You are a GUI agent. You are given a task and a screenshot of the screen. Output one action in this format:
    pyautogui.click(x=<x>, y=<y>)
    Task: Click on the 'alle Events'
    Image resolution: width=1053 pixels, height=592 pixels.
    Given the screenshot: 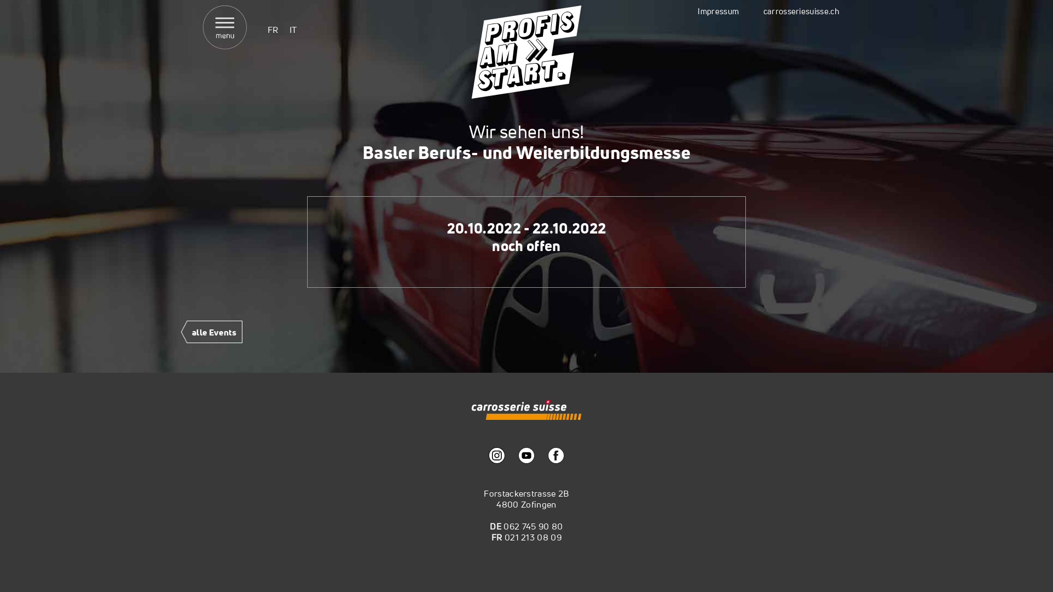 What is the action you would take?
    pyautogui.click(x=211, y=334)
    